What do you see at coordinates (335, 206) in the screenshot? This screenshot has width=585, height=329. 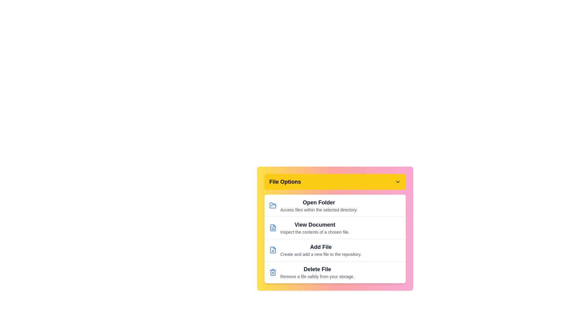 I see `the first menu item in the 'File Options' menu` at bounding box center [335, 206].